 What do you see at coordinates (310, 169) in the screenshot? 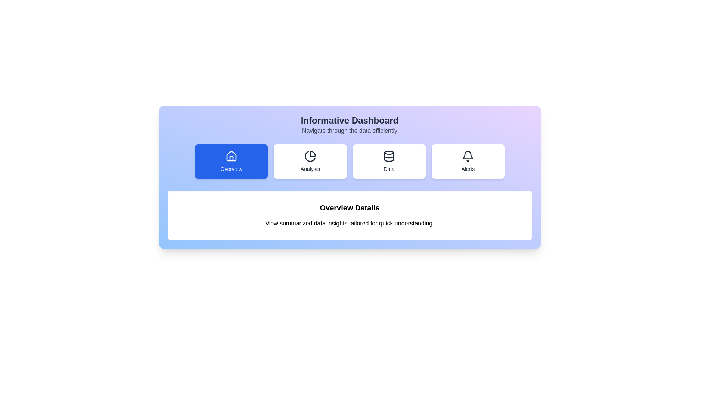
I see `text of the 'Analysis' navigation option label located in the second tile of the navigation grid, positioned directly beneath the pie chart icon` at bounding box center [310, 169].